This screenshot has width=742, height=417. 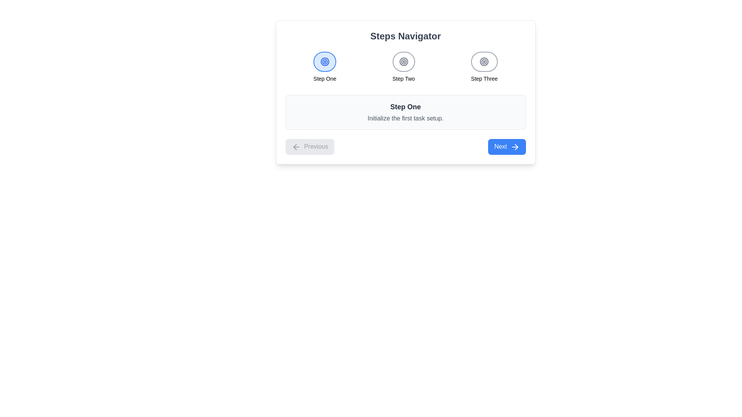 What do you see at coordinates (403, 79) in the screenshot?
I see `text label indicating 'Step Two' located under the middle circular step indicator in the step navigation bar` at bounding box center [403, 79].